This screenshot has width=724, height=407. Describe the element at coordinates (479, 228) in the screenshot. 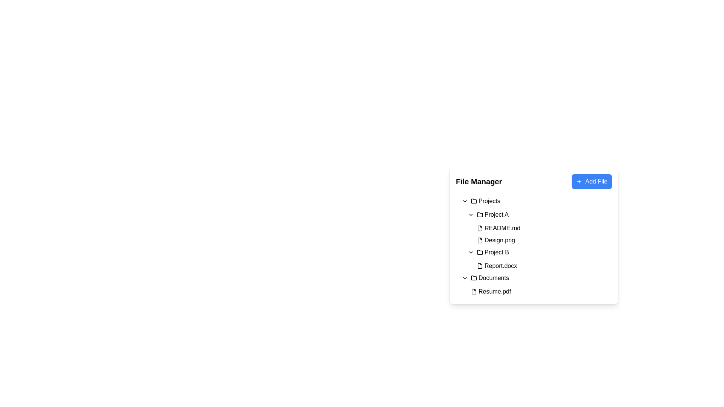

I see `the file icon representing 'README.md' in the file manager interface` at that location.